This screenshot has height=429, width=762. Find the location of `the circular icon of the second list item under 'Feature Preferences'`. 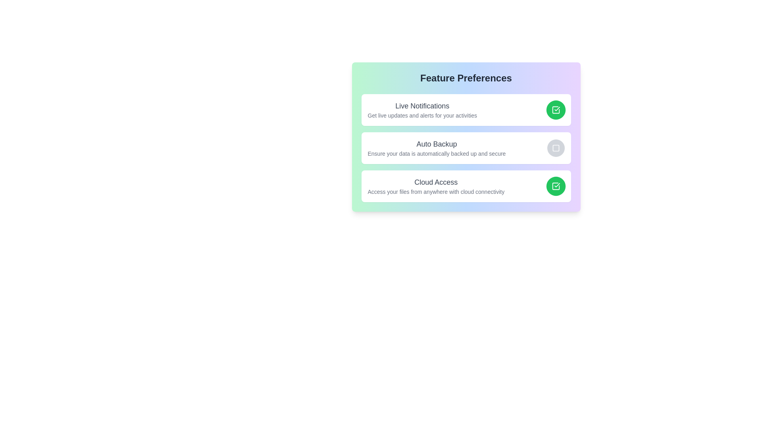

the circular icon of the second list item under 'Feature Preferences' is located at coordinates (466, 148).